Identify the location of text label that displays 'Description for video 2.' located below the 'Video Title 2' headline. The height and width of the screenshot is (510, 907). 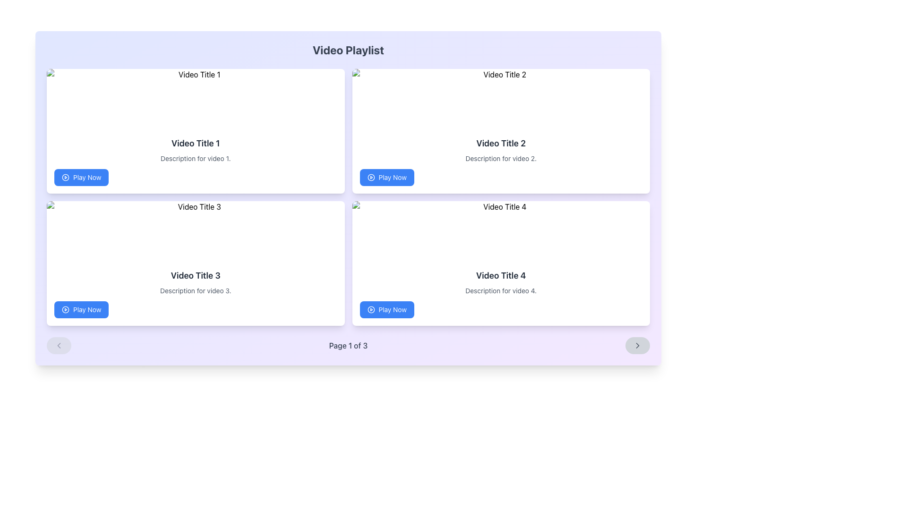
(500, 158).